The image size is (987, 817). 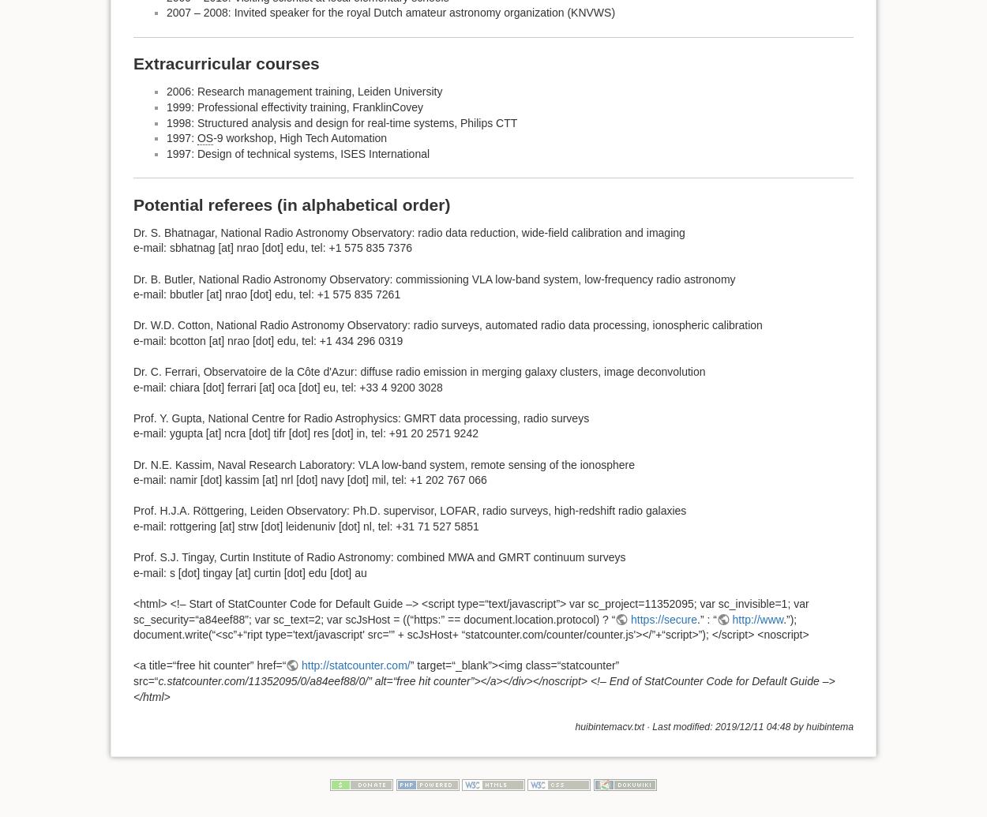 I want to click on 'e-mail: namir [dot] kassim [at] nrl [dot] navy [dot] mil, tel: +1 202 767 066', so click(x=310, y=478).